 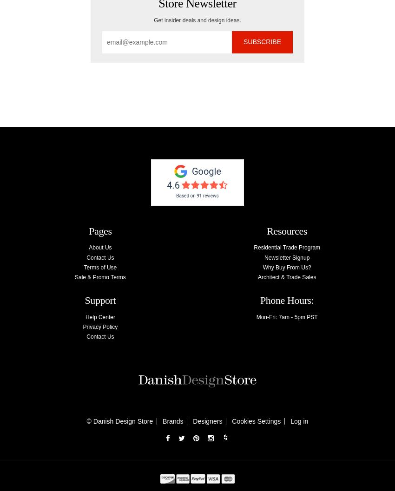 What do you see at coordinates (286, 316) in the screenshot?
I see `'Mon-Fri: 7am - 5pm PST'` at bounding box center [286, 316].